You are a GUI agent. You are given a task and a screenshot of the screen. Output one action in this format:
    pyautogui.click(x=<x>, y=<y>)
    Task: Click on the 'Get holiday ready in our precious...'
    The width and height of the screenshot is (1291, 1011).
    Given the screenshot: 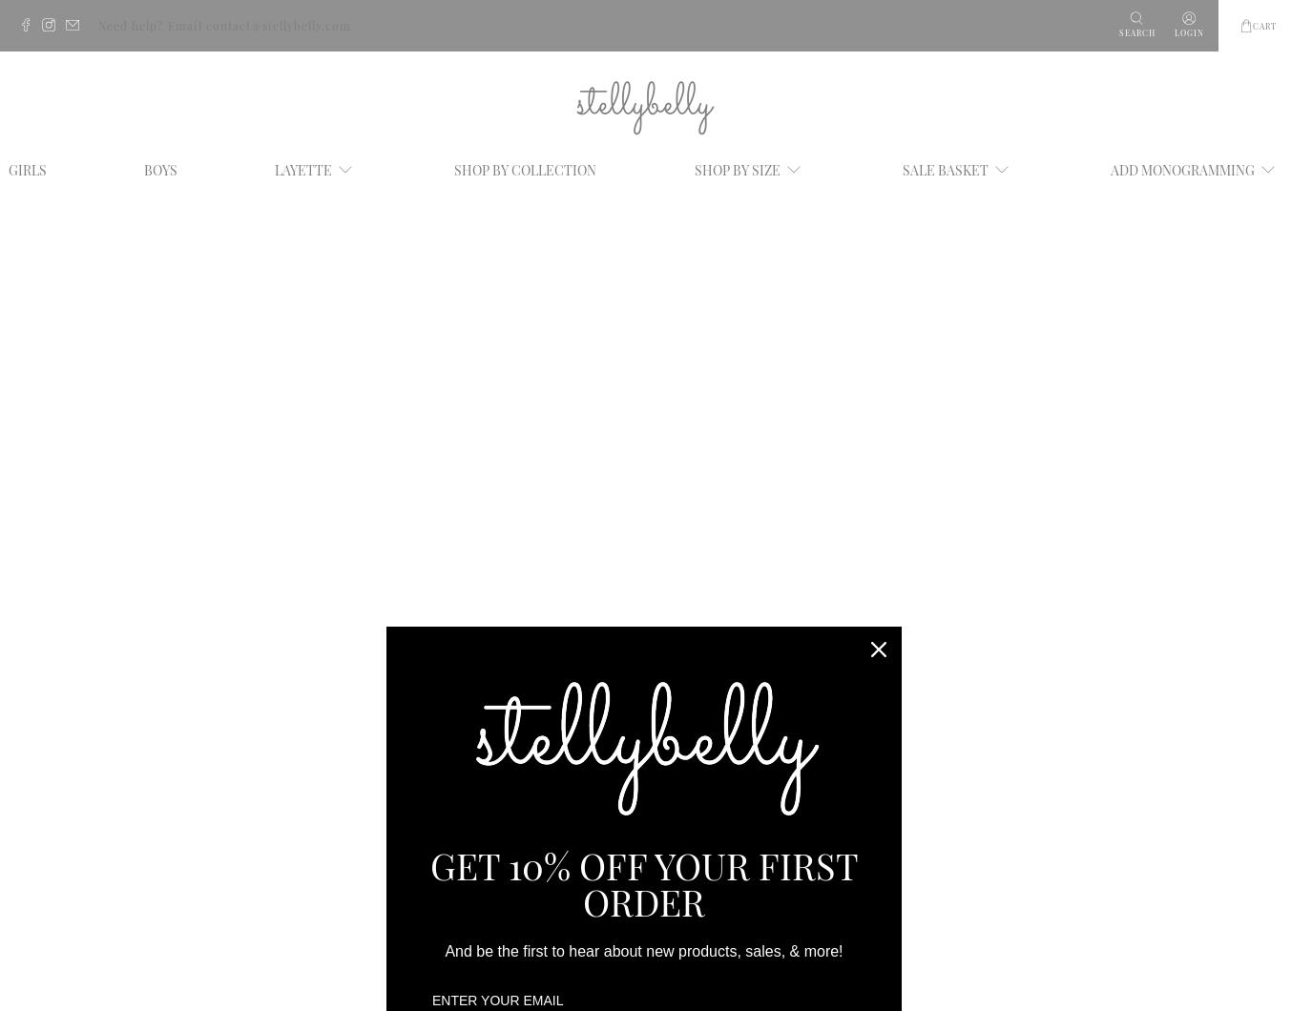 What is the action you would take?
    pyautogui.click(x=265, y=712)
    